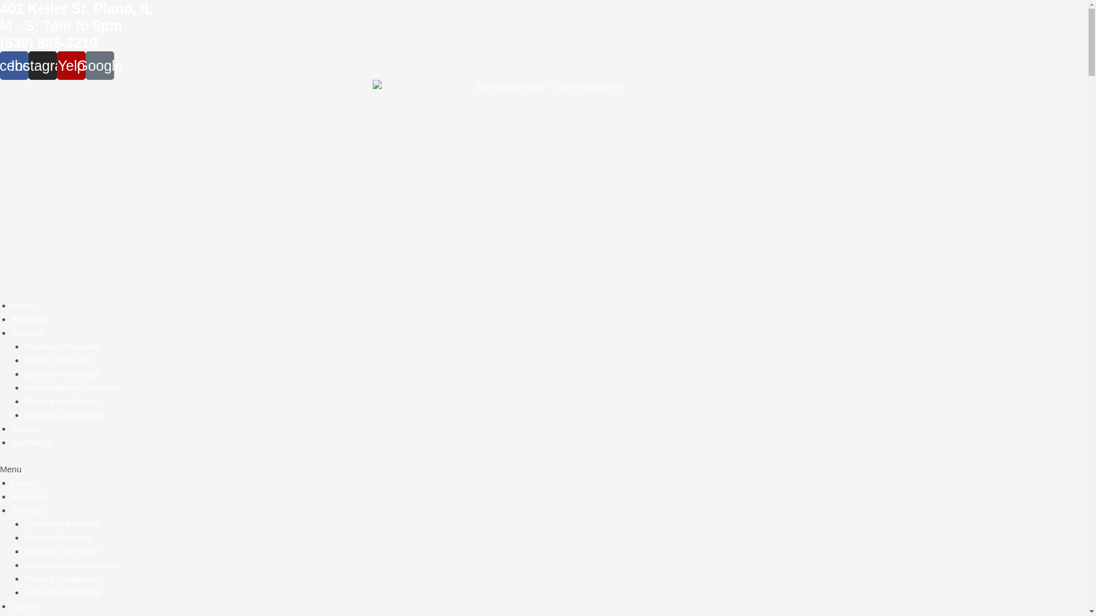 The image size is (1096, 616). What do you see at coordinates (43, 66) in the screenshot?
I see `'Instagram'` at bounding box center [43, 66].